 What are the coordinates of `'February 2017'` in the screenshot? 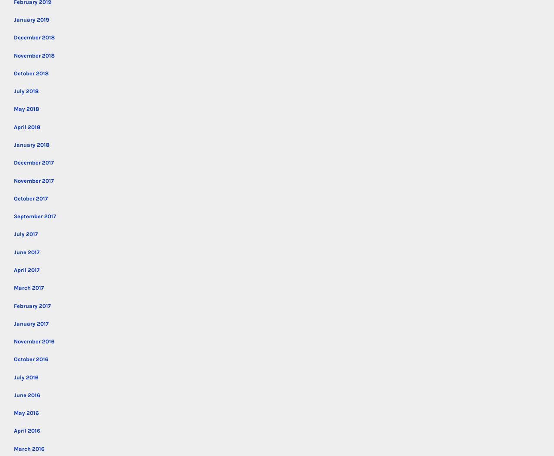 It's located at (14, 305).